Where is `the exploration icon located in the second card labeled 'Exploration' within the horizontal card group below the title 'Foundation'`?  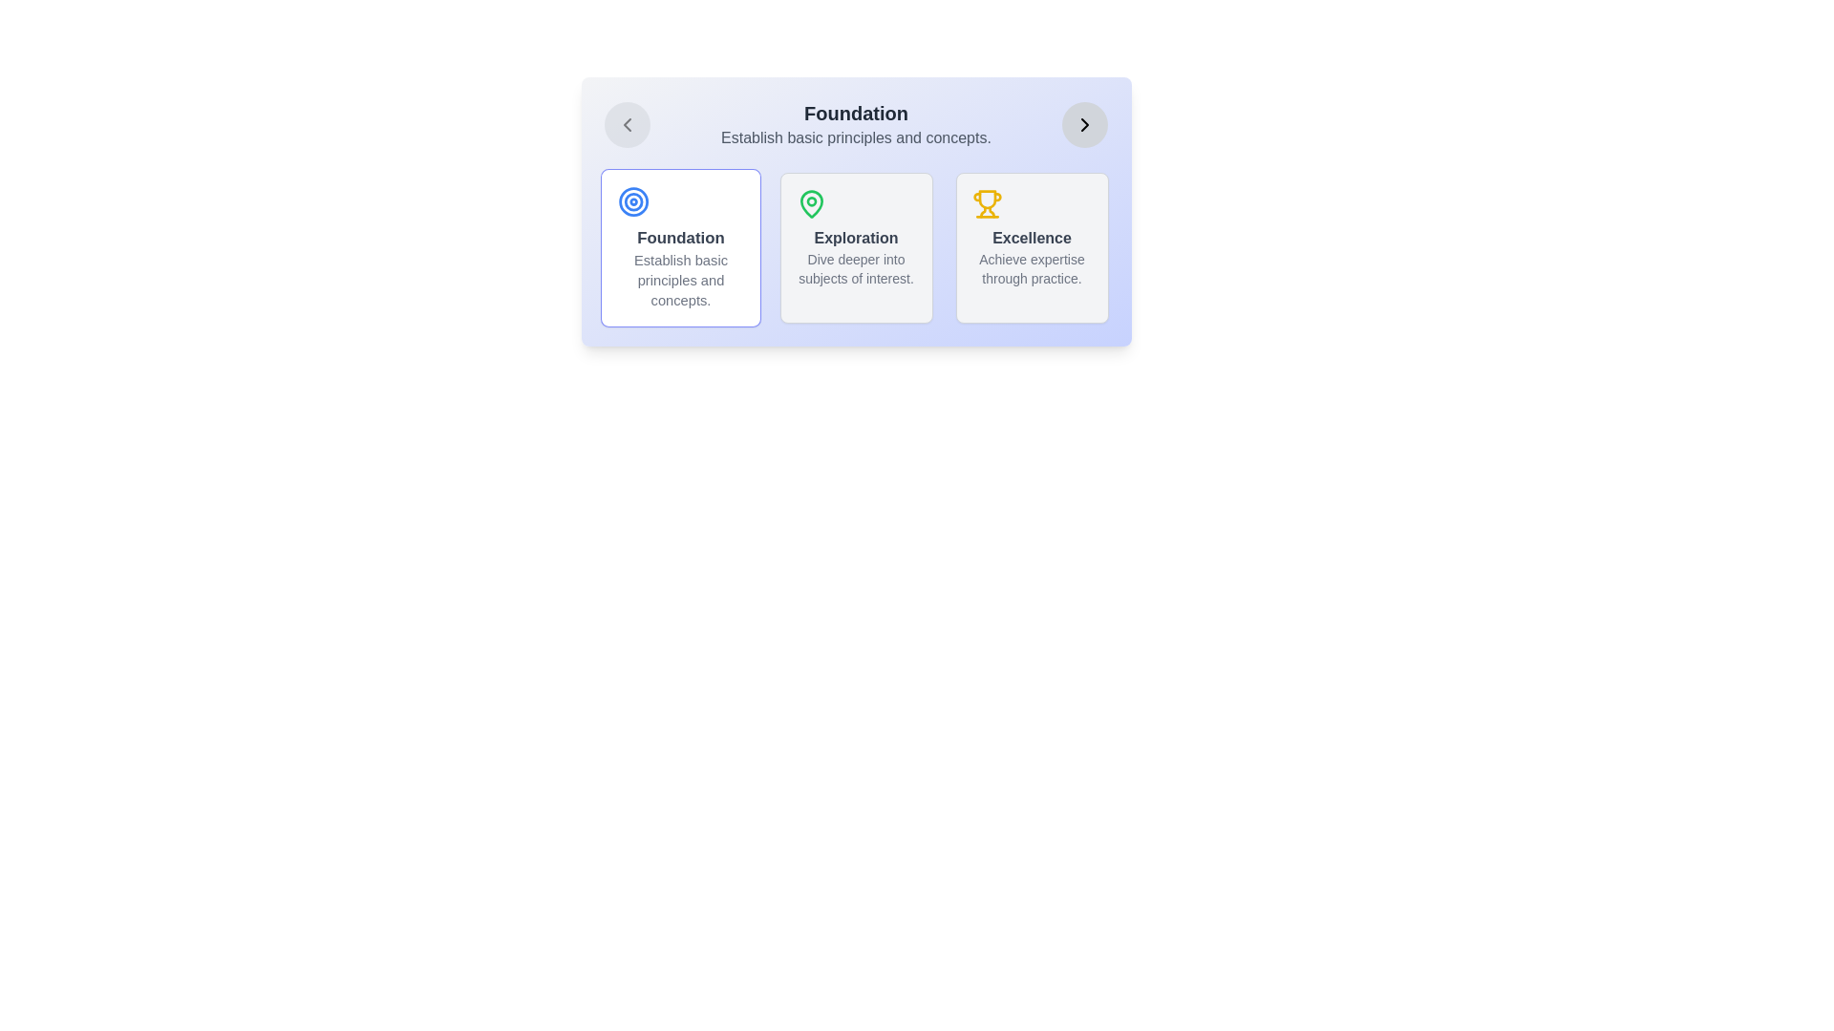 the exploration icon located in the second card labeled 'Exploration' within the horizontal card group below the title 'Foundation' is located at coordinates (811, 203).